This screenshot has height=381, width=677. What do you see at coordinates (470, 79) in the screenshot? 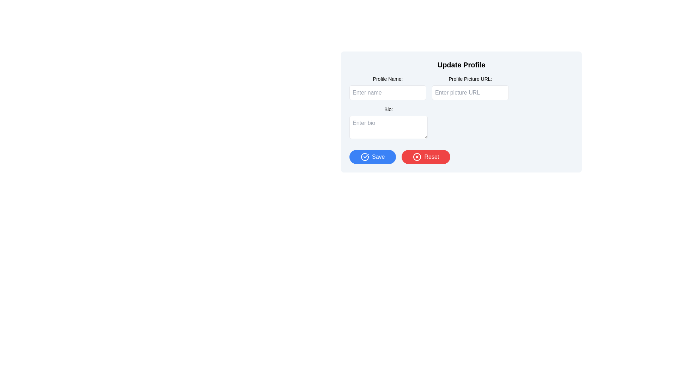
I see `the label indicating the purpose of the adjacent input field for the Profile Picture URL in the Update Profile form, located at the top-right part of the form` at bounding box center [470, 79].